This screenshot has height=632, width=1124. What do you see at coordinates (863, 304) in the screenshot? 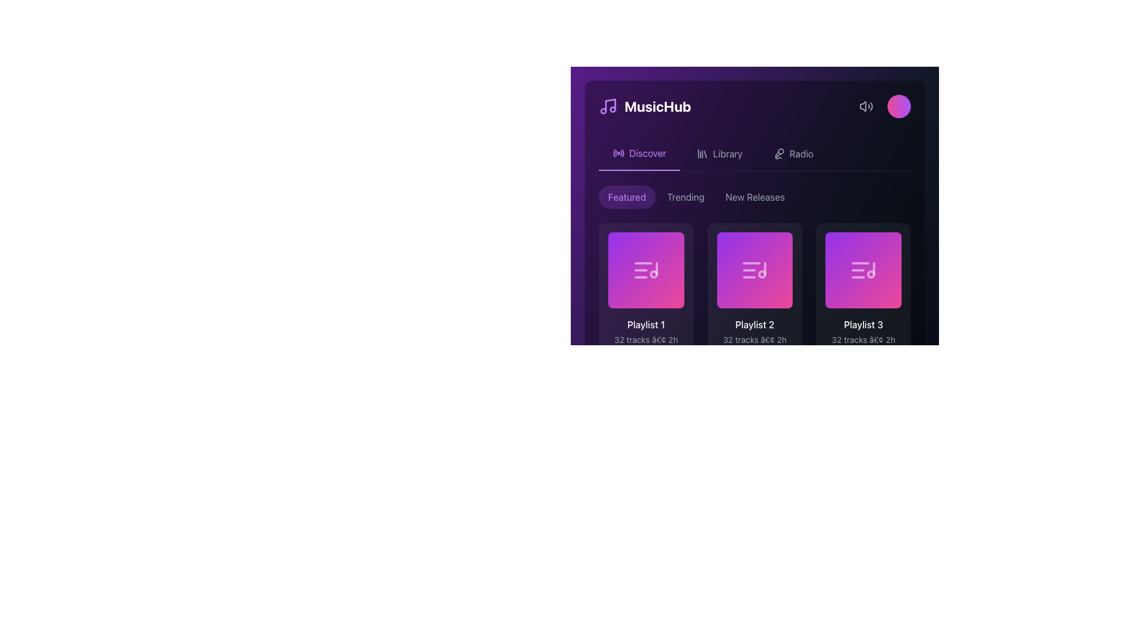
I see `the interactive playlist card labeled 'Playlist 3'` at bounding box center [863, 304].